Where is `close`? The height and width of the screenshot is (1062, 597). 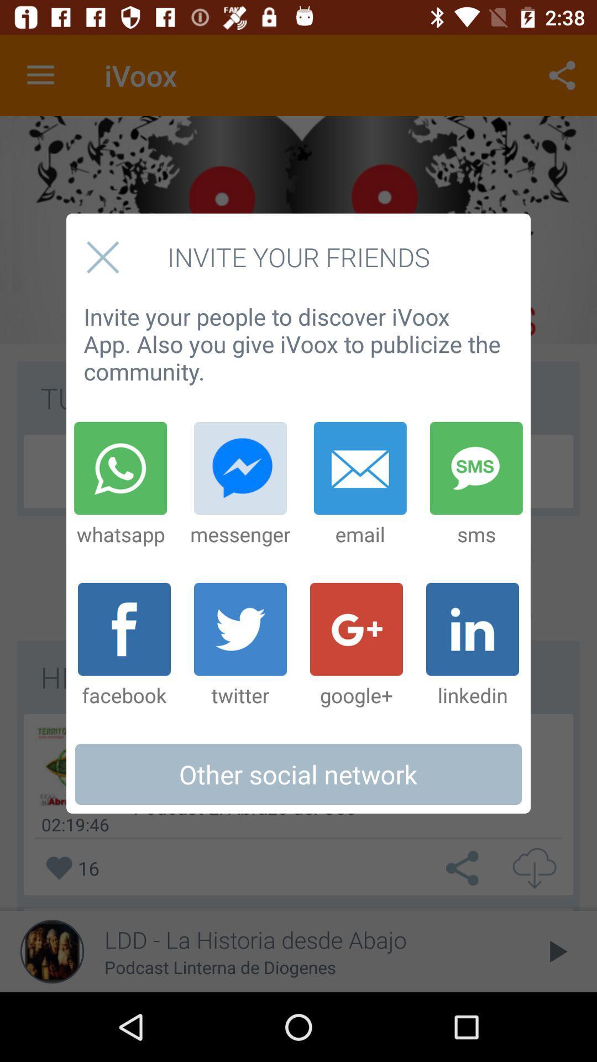
close is located at coordinates (103, 257).